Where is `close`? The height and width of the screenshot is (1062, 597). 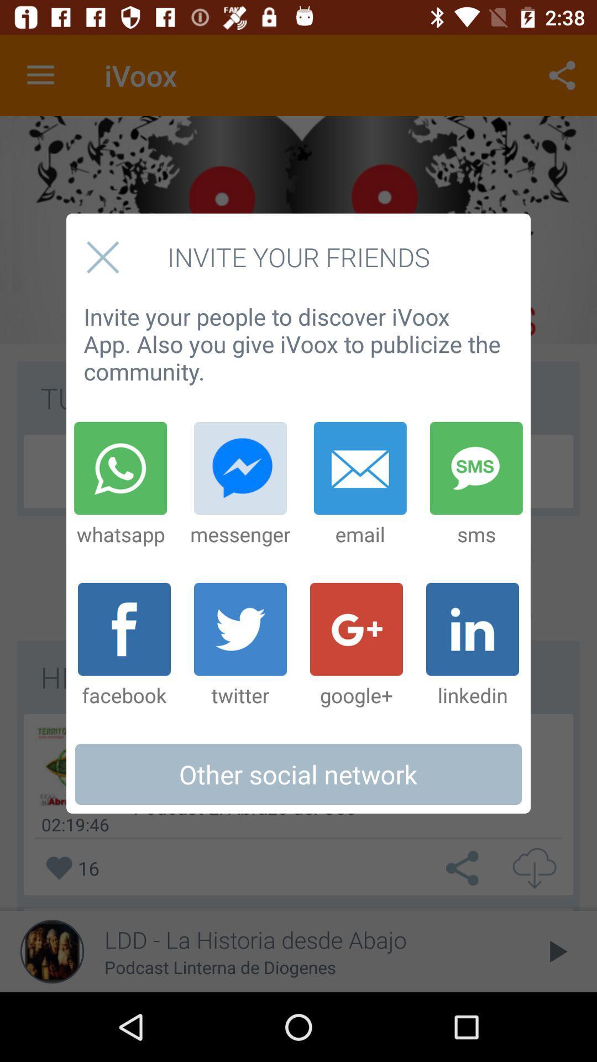
close is located at coordinates (103, 257).